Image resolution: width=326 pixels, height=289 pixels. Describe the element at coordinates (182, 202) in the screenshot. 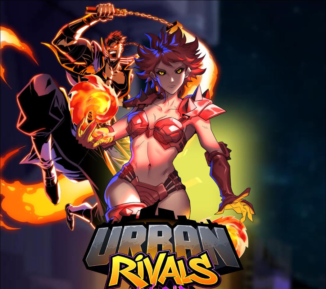

I see `'The SENTINEL forces of law and order, the ALL STARS' athletes, the HURACAN luchadores, the RESCUE medical staff, the FANG PI CLANG martial art specialists and the LA JUNTA soldiers are the muscle defending the city!'` at that location.